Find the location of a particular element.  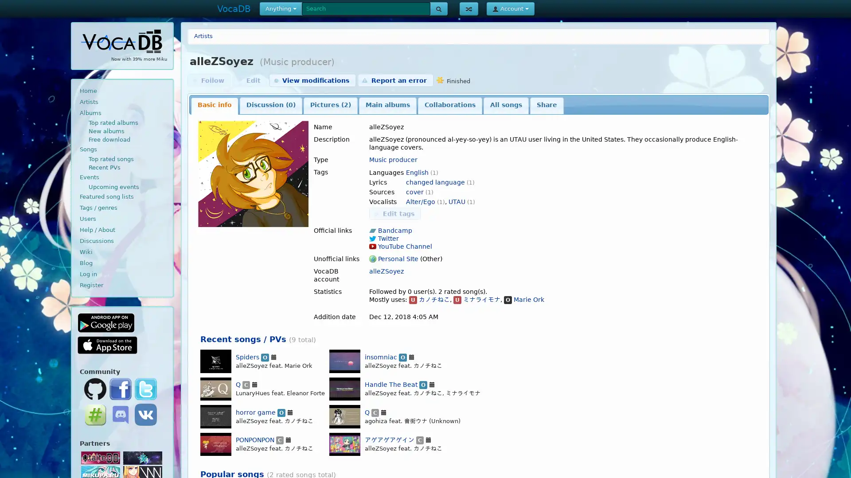

Edit tags is located at coordinates (394, 213).